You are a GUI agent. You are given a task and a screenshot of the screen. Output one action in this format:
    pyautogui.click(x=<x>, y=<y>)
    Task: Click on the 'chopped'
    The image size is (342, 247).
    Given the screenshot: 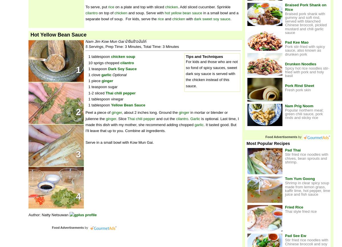 What is the action you would take?
    pyautogui.click(x=112, y=62)
    